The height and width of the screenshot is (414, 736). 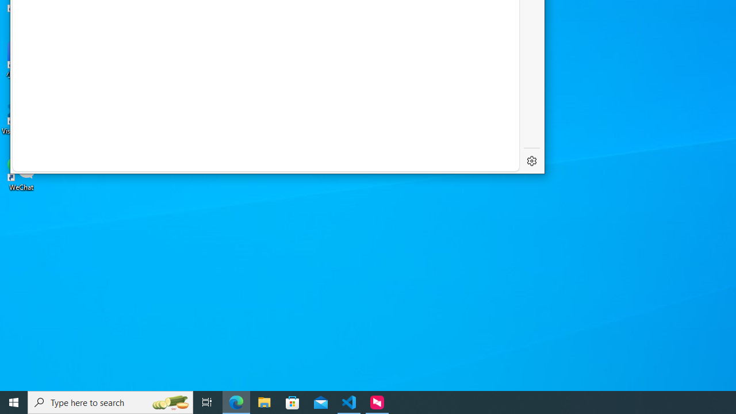 What do you see at coordinates (169, 401) in the screenshot?
I see `'Search highlights icon opens search home window'` at bounding box center [169, 401].